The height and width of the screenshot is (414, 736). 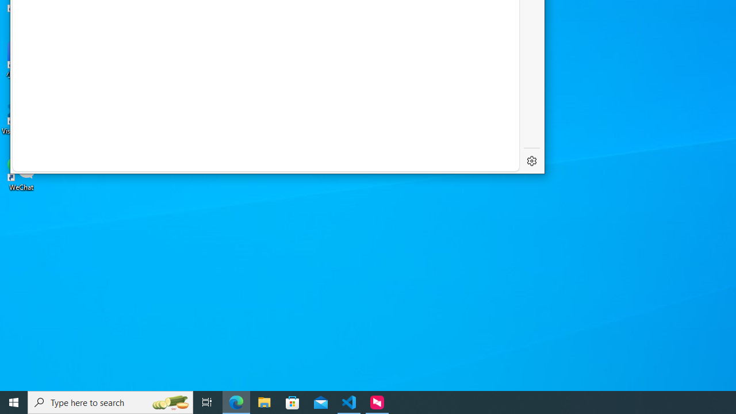 What do you see at coordinates (169, 401) in the screenshot?
I see `'Search highlights icon opens search home window'` at bounding box center [169, 401].